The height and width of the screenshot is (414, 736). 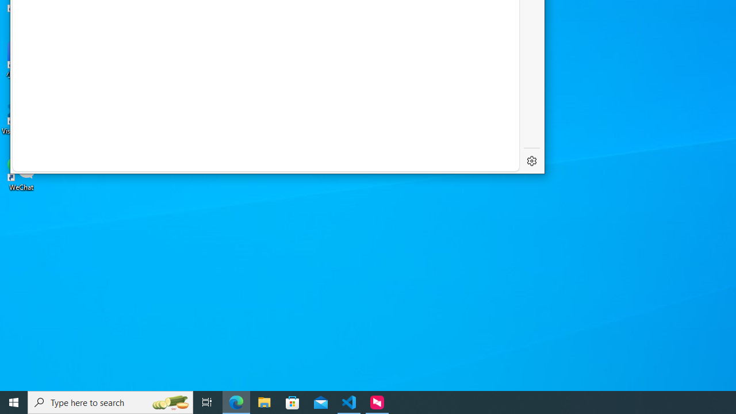 What do you see at coordinates (169, 401) in the screenshot?
I see `'Search highlights icon opens search home window'` at bounding box center [169, 401].